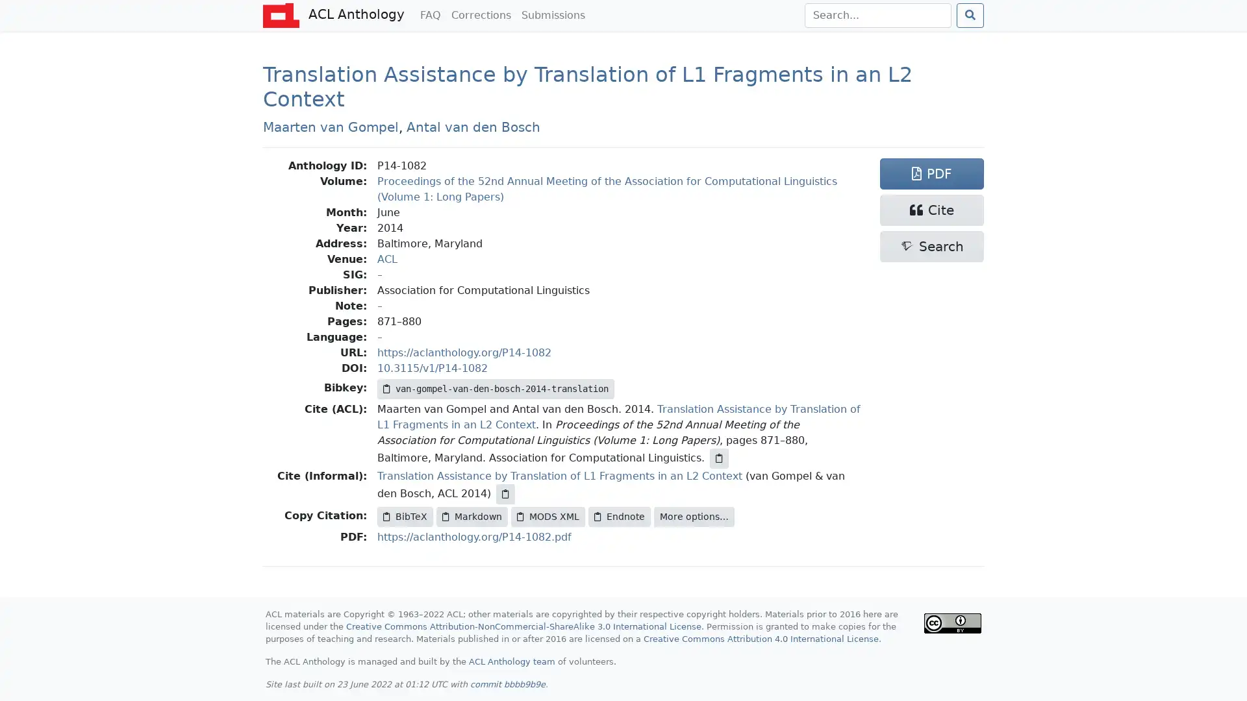  What do you see at coordinates (495, 387) in the screenshot?
I see `van-gompel-van-den-bosch-2014-translation` at bounding box center [495, 387].